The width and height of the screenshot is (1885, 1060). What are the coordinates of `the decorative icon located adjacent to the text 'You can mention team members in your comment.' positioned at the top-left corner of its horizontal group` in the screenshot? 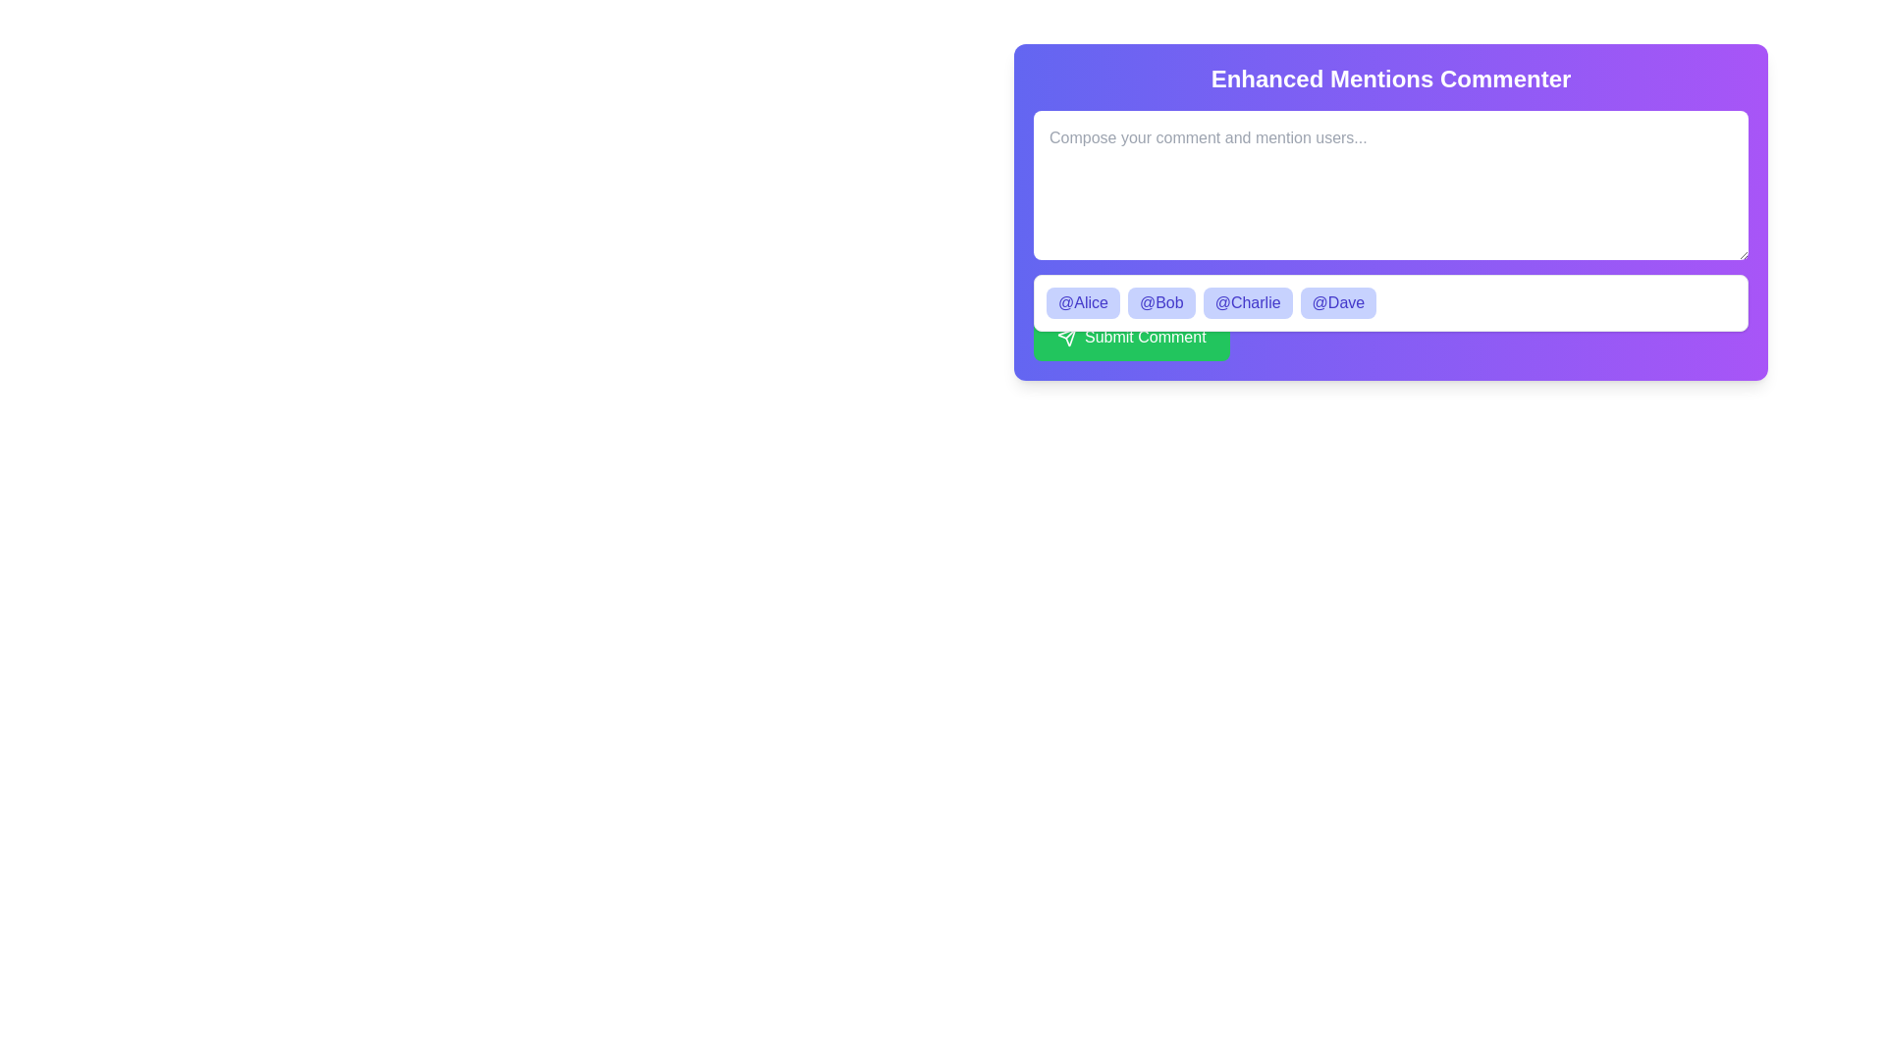 It's located at (1045, 294).